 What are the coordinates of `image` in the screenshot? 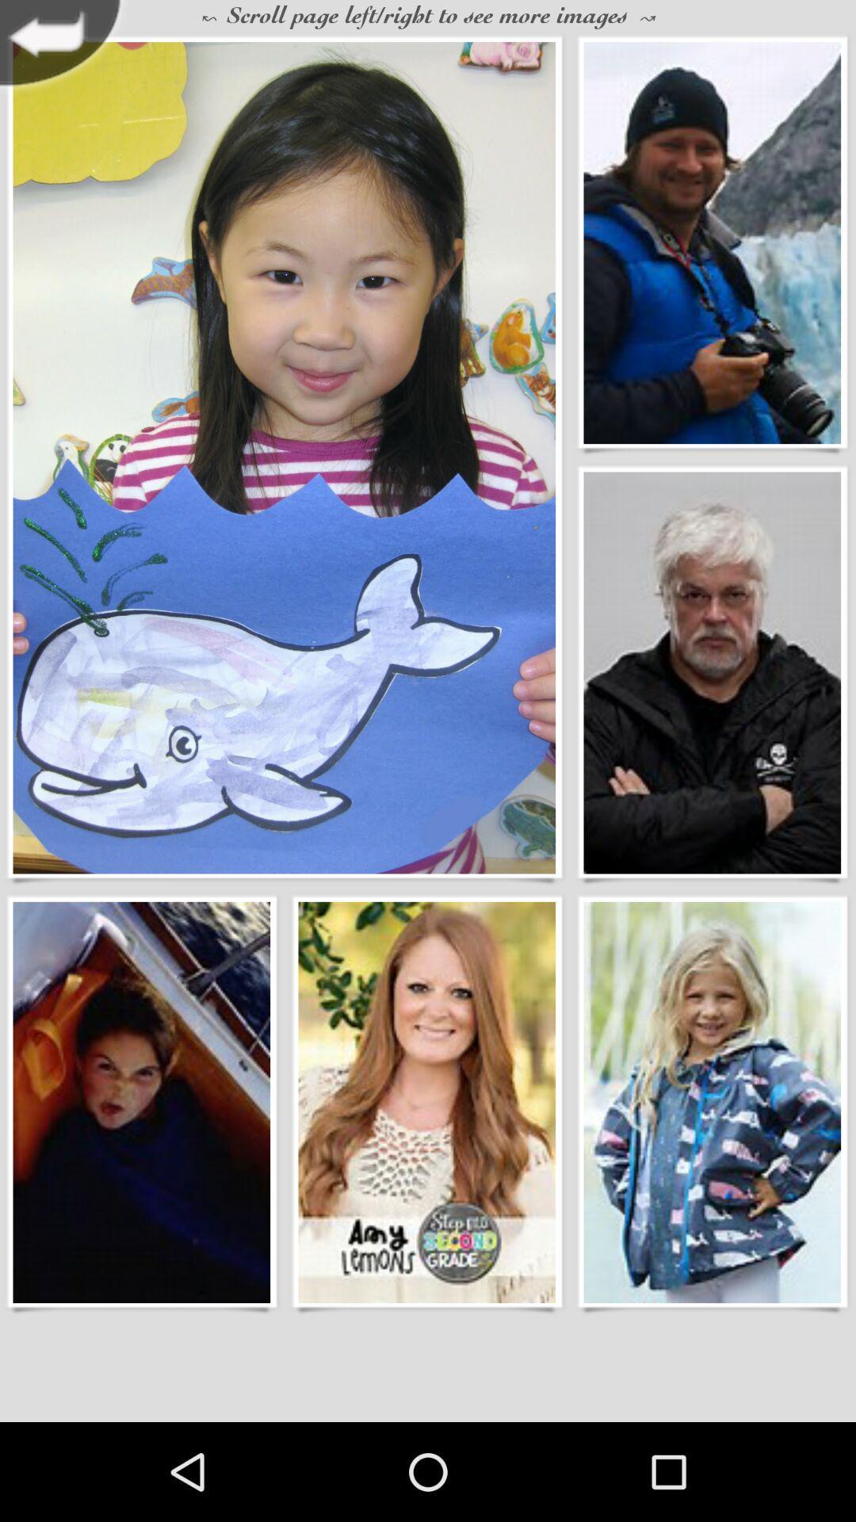 It's located at (711, 242).